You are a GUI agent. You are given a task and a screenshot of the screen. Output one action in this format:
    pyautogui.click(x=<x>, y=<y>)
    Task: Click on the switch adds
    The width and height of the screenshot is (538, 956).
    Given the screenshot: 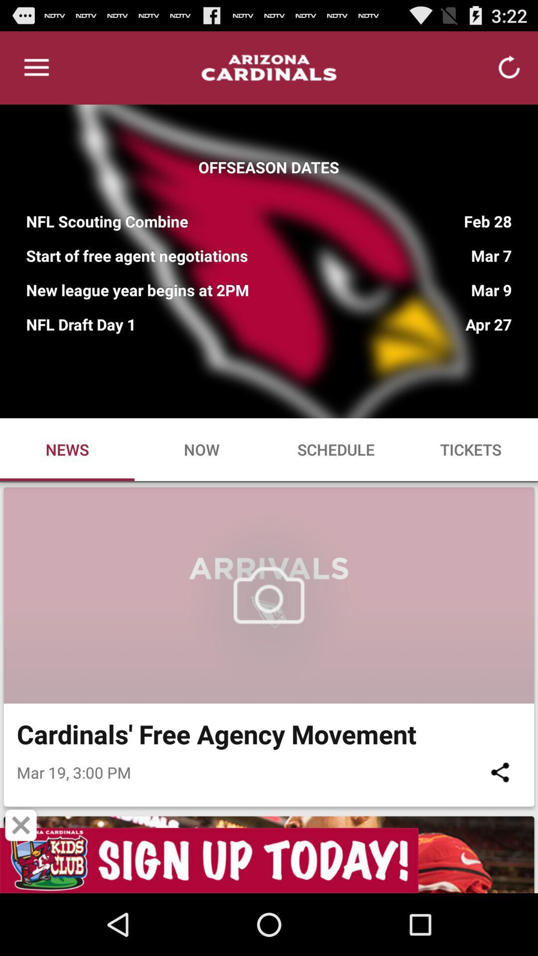 What is the action you would take?
    pyautogui.click(x=269, y=860)
    